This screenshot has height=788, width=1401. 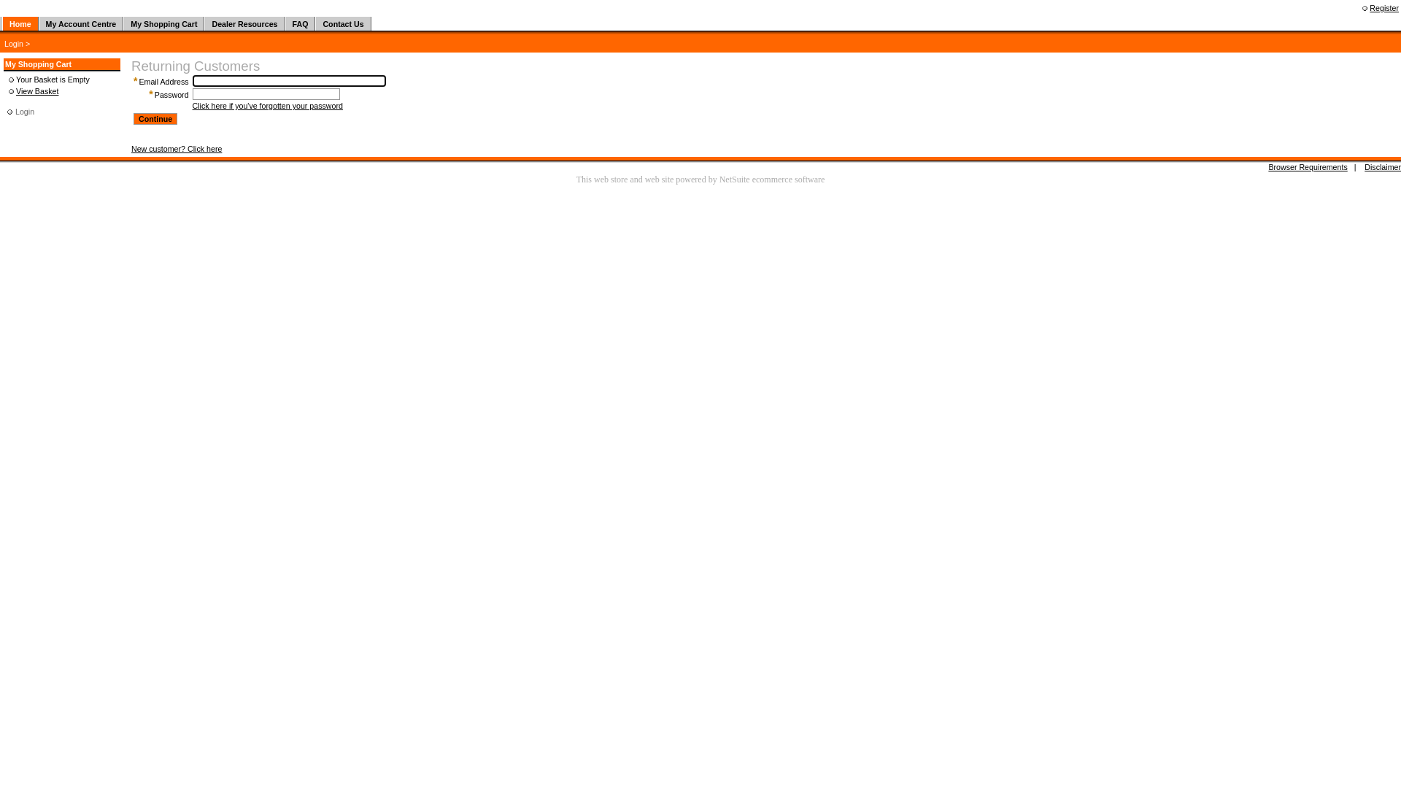 I want to click on 'Home', so click(x=20, y=23).